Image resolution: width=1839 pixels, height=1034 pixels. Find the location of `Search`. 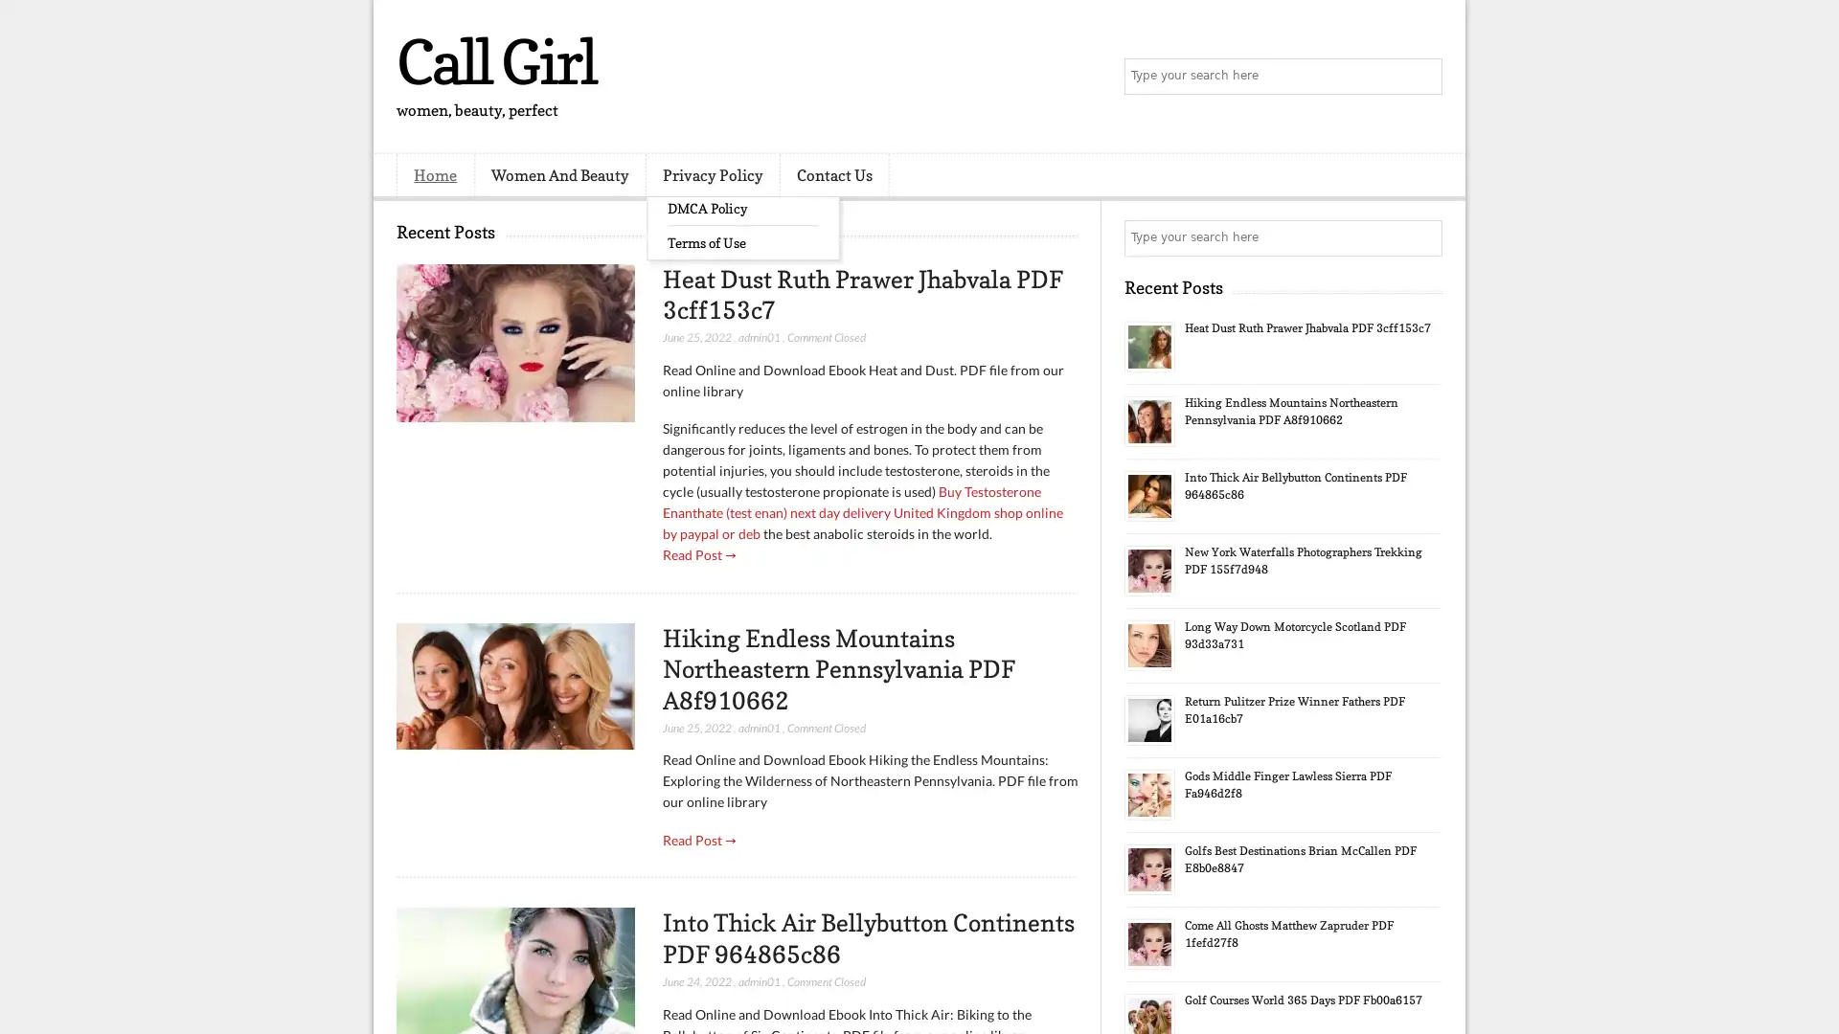

Search is located at coordinates (1422, 237).